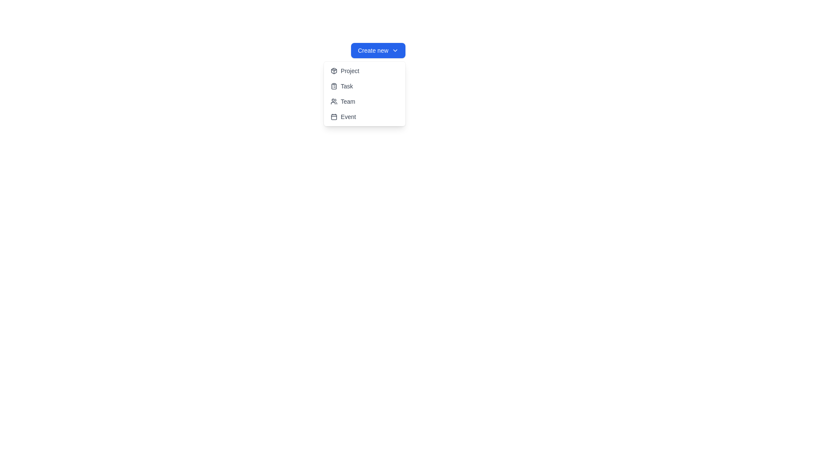 This screenshot has height=459, width=816. What do you see at coordinates (364, 86) in the screenshot?
I see `the second button` at bounding box center [364, 86].